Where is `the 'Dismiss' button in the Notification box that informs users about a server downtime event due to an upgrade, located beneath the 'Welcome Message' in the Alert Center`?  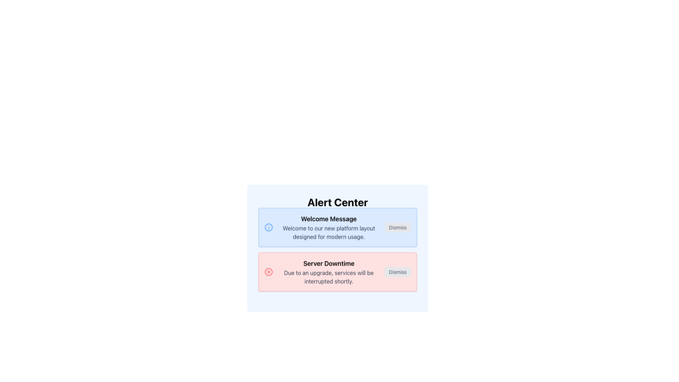
the 'Dismiss' button in the Notification box that informs users about a server downtime event due to an upgrade, located beneath the 'Welcome Message' in the Alert Center is located at coordinates (337, 259).